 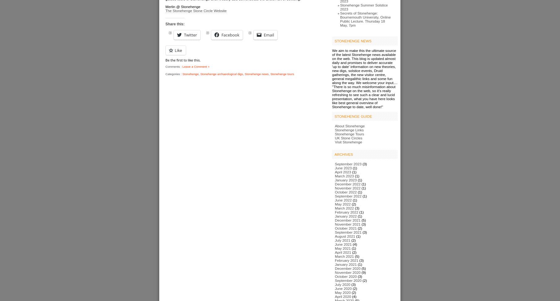 What do you see at coordinates (190, 34) in the screenshot?
I see `'Twitter'` at bounding box center [190, 34].